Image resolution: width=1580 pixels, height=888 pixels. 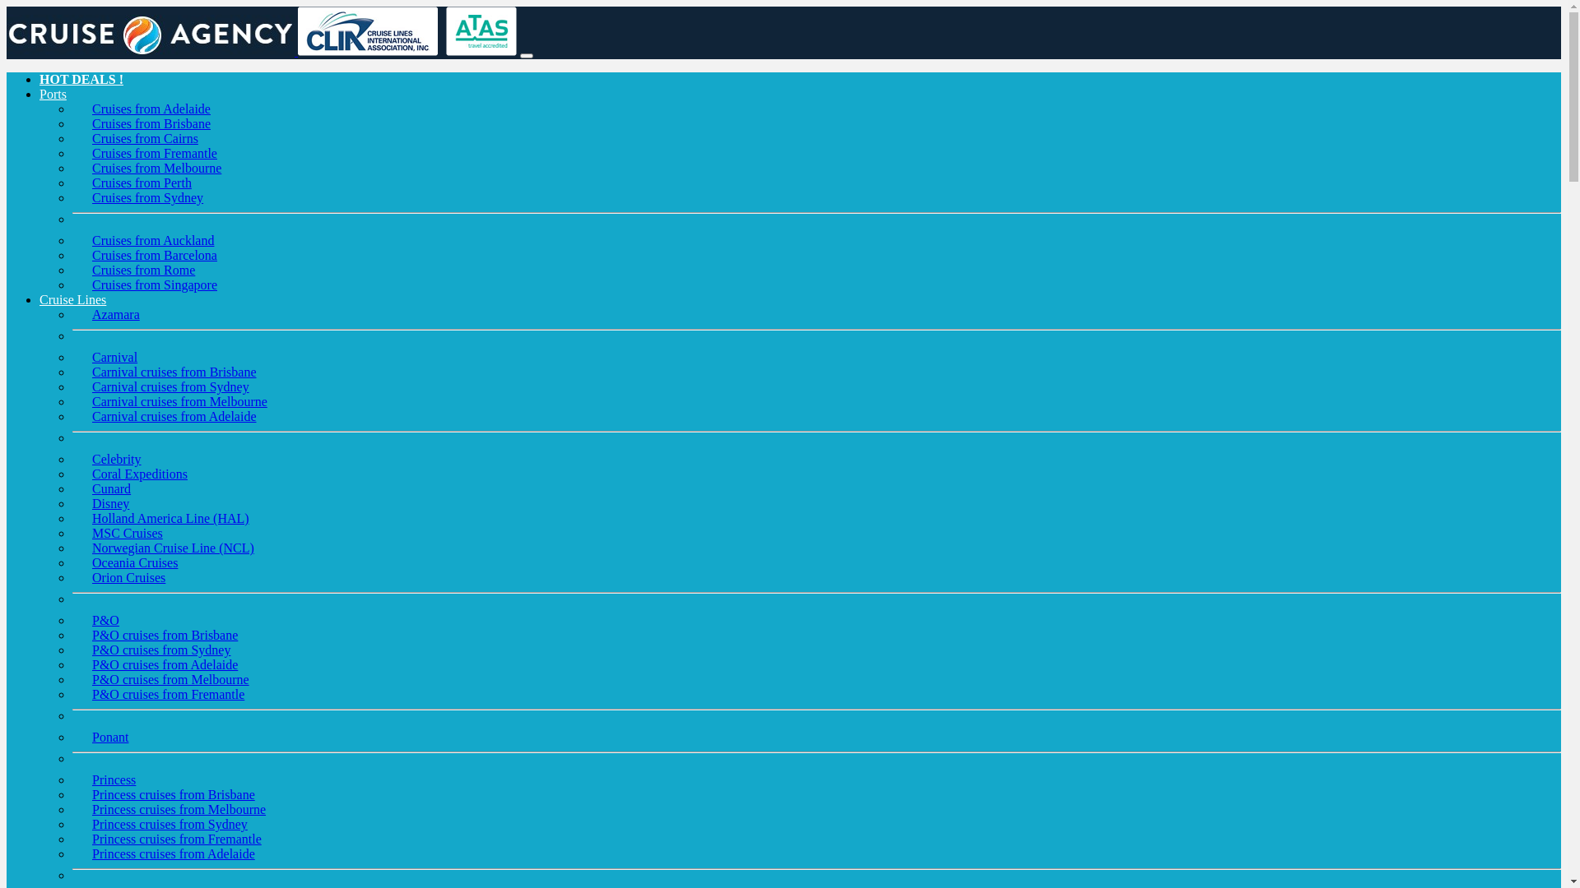 What do you see at coordinates (170, 386) in the screenshot?
I see `'Carnival cruises from Sydney'` at bounding box center [170, 386].